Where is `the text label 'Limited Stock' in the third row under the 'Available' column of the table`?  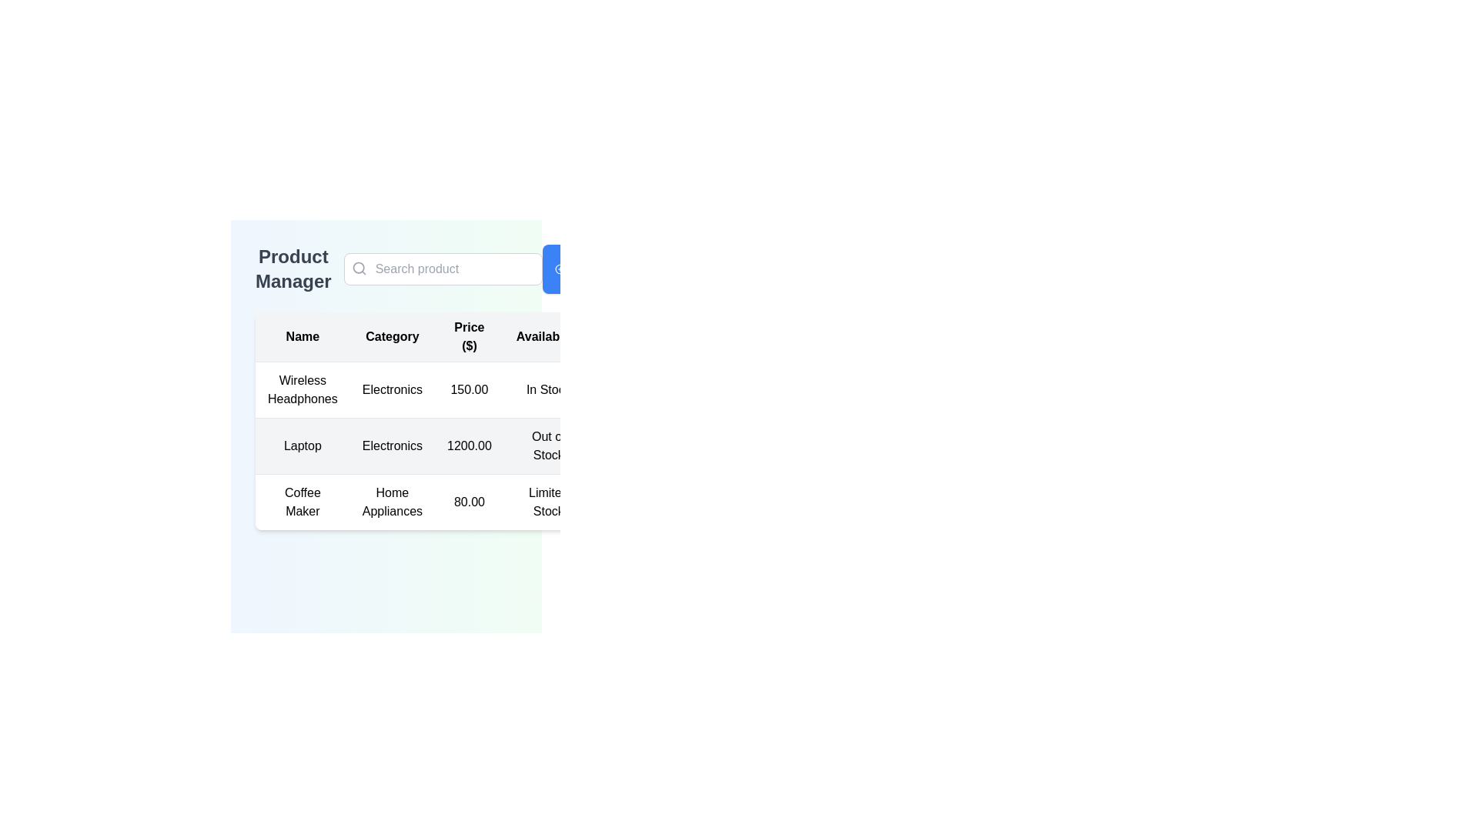 the text label 'Limited Stock' in the third row under the 'Available' column of the table is located at coordinates (548, 502).